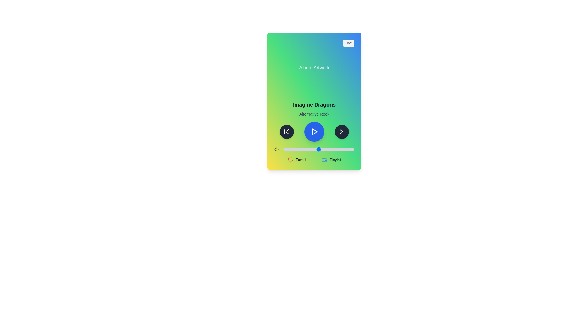 This screenshot has height=317, width=563. Describe the element at coordinates (314, 109) in the screenshot. I see `the Label containing the bold text 'Imagine Dragons' and the smaller grey text 'Alternative Rock', which is centrally aligned below the artwork section and above the playback controls` at that location.